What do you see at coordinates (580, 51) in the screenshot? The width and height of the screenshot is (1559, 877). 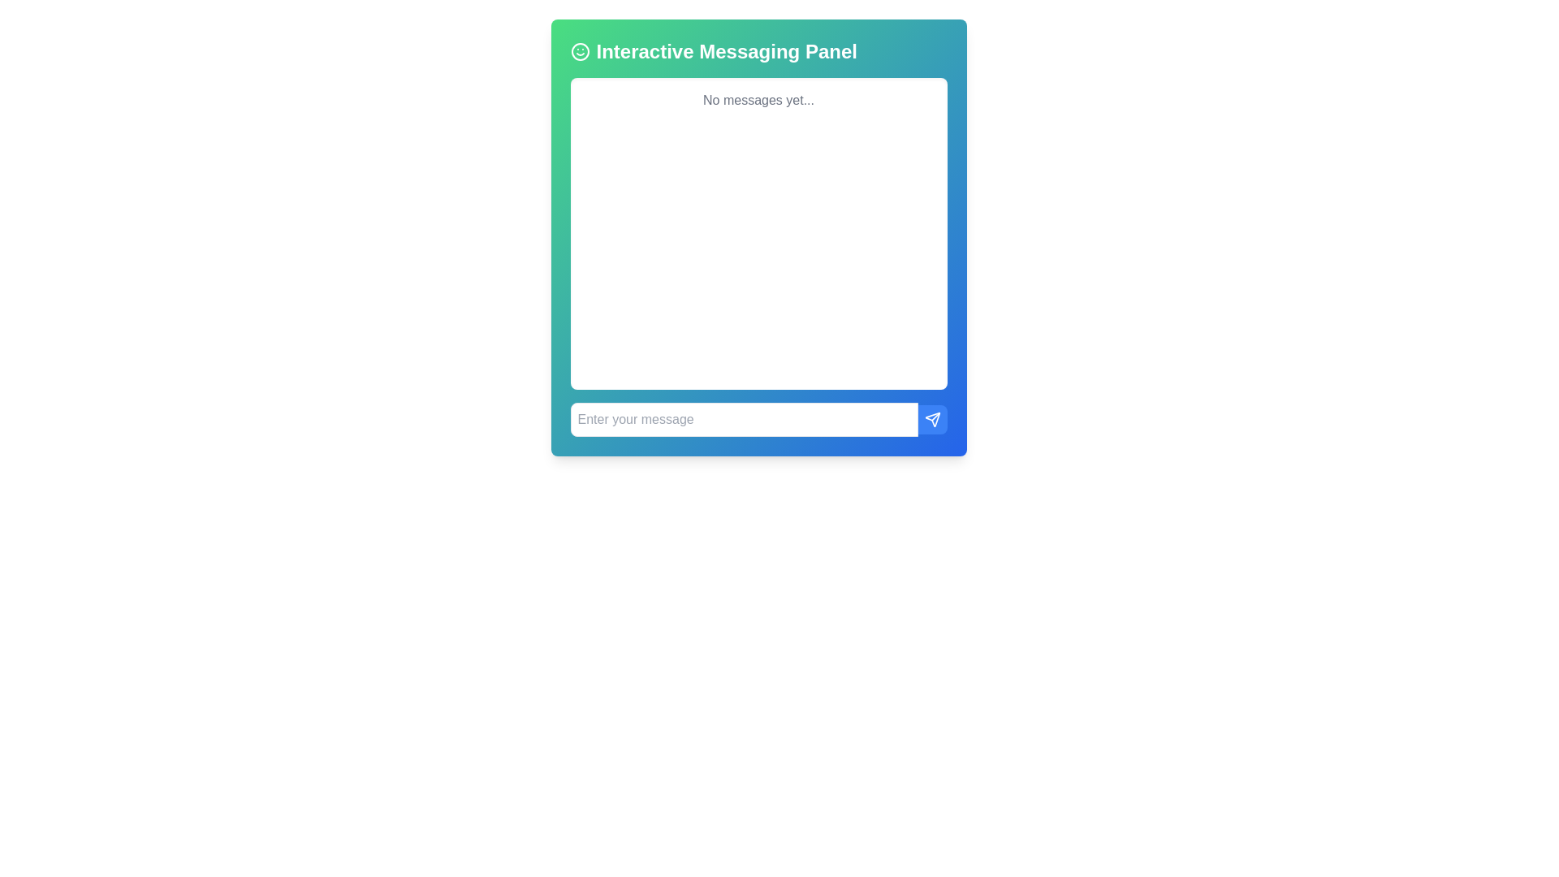 I see `the circular smiley face icon located at the top-left corner of the 'Interactive Messaging Panel', which features a white circle outline, two small dots for eyes, and a curved line for a smile on a green background` at bounding box center [580, 51].